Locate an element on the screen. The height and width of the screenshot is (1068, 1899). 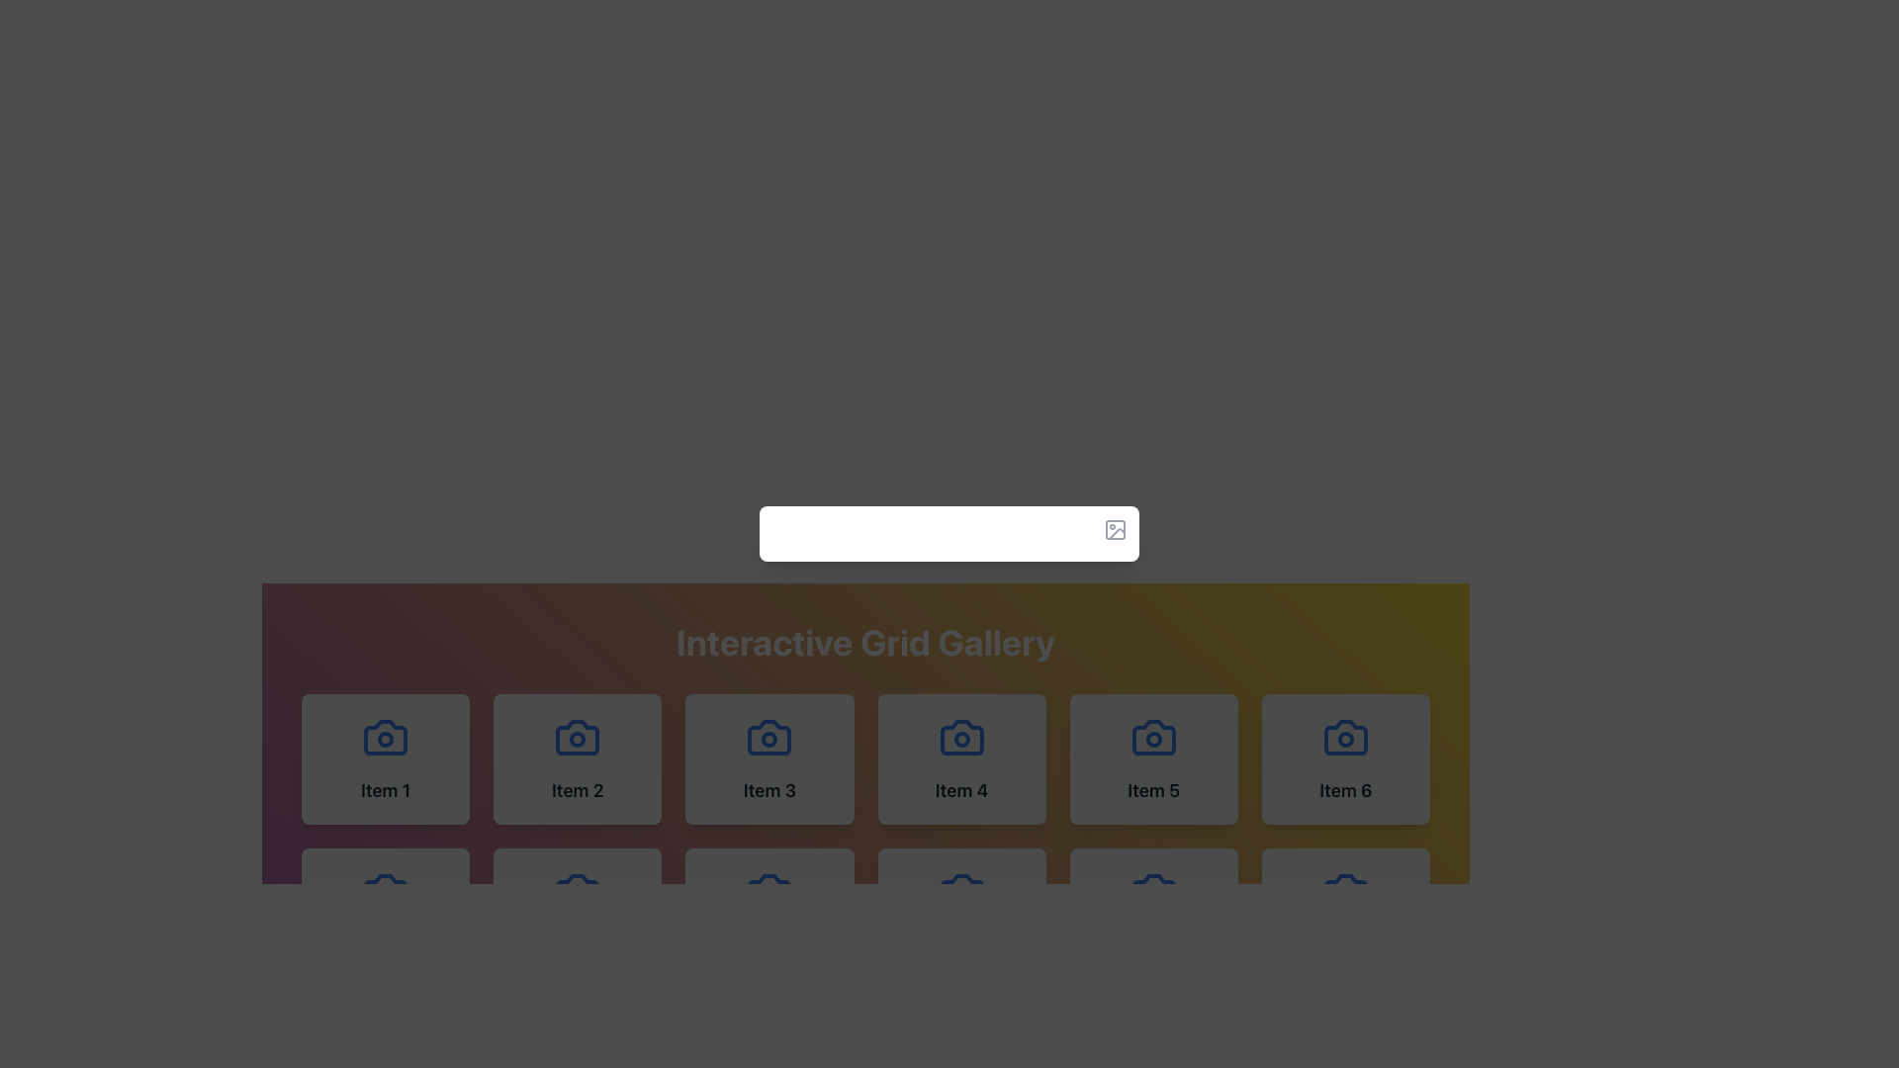
the card representing 'Item 1' located is located at coordinates (386, 757).